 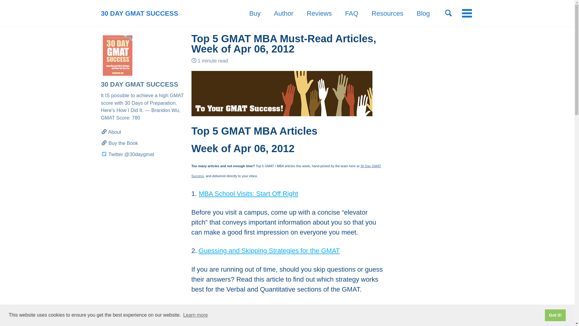 I want to click on 'Blog', so click(x=422, y=13).